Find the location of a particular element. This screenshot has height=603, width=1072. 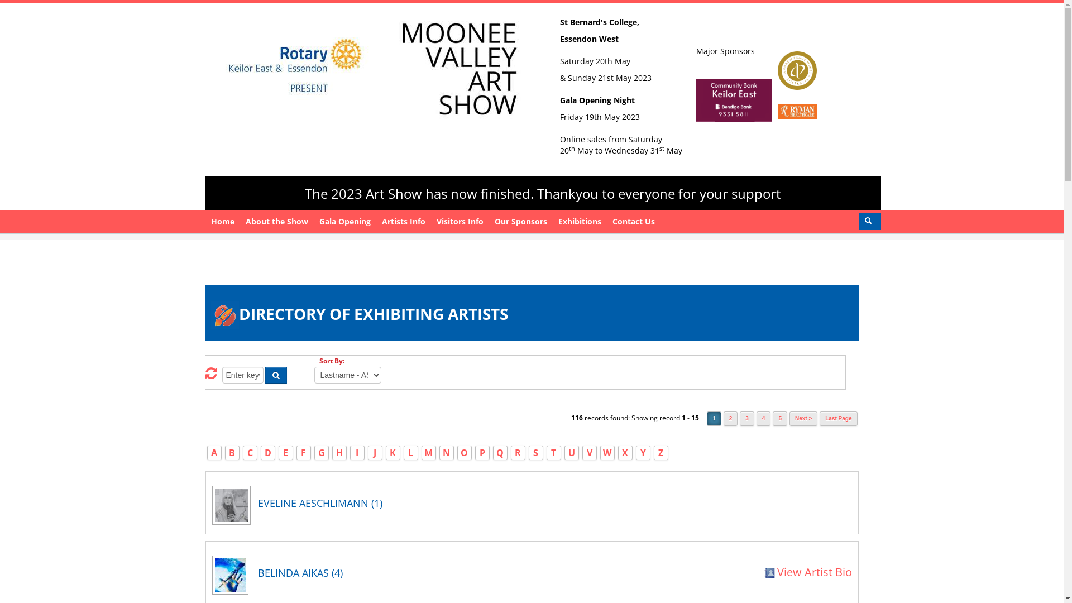

'Contact Us' is located at coordinates (605, 222).